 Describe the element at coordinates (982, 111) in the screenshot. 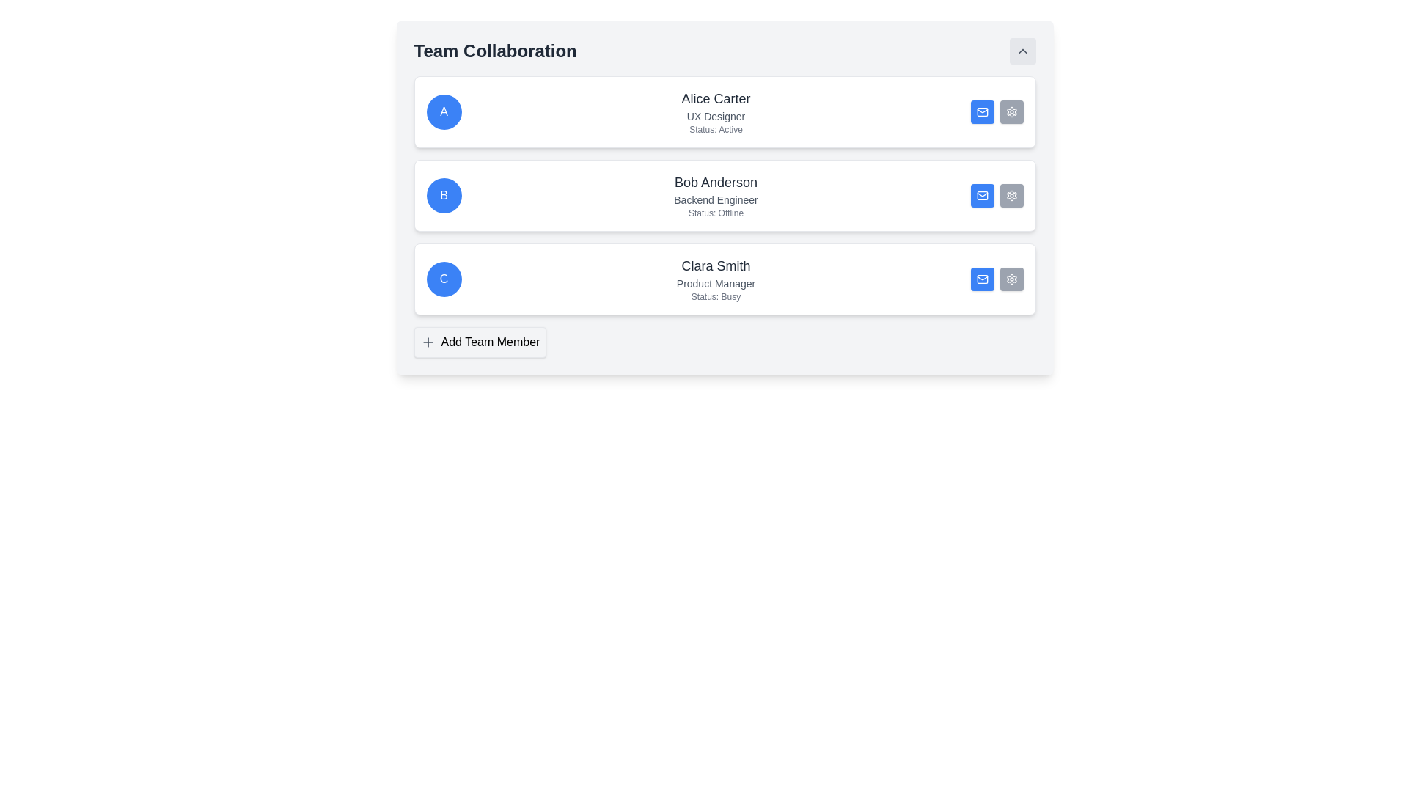

I see `the decorative shape within the mail icon located to the right of 'Alice Carter, UX Designer, Status: Active' in the user interface` at that location.